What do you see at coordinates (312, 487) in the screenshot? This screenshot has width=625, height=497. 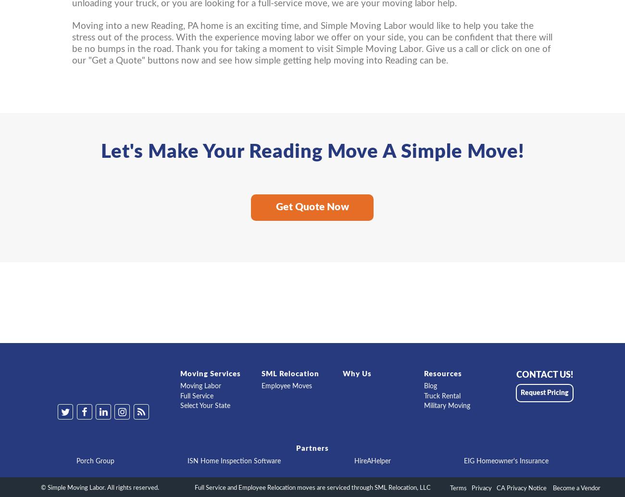 I see `'Full Service and Employee Relocation moves are serviced through SML Relocation, LLC'` at bounding box center [312, 487].